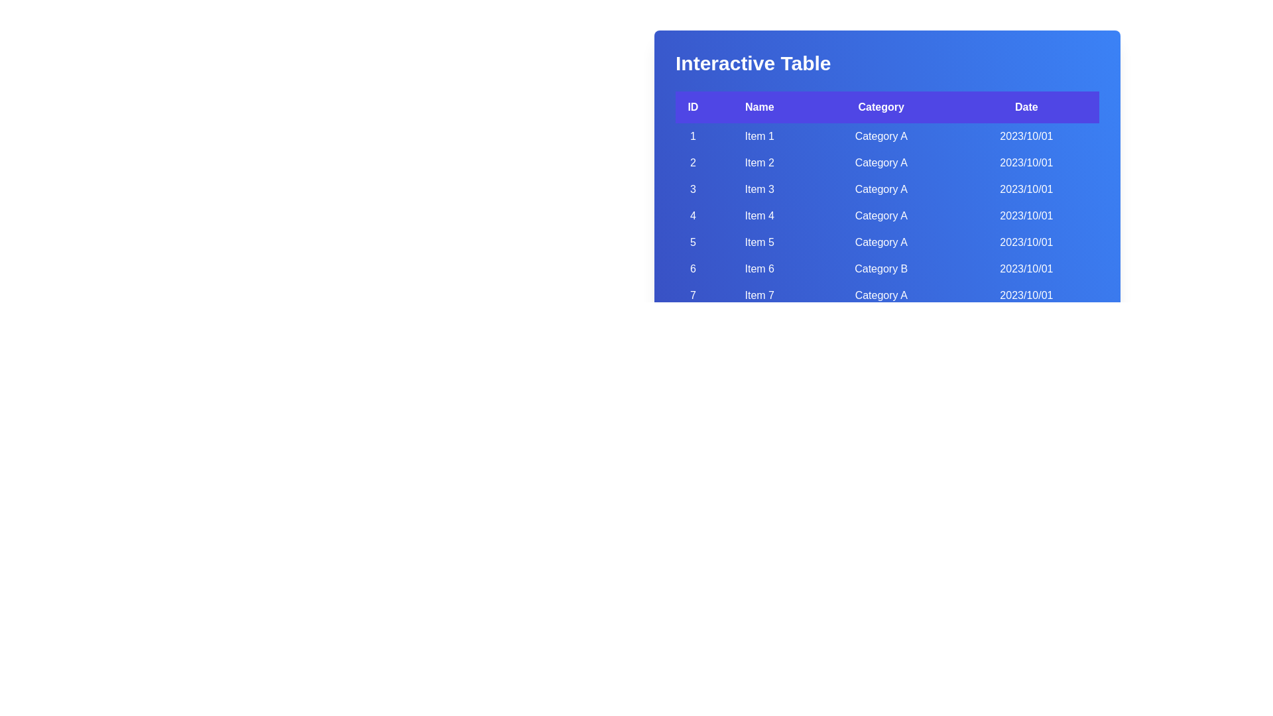 The width and height of the screenshot is (1273, 716). I want to click on the header labeled Category to sort the table by that column, so click(881, 107).